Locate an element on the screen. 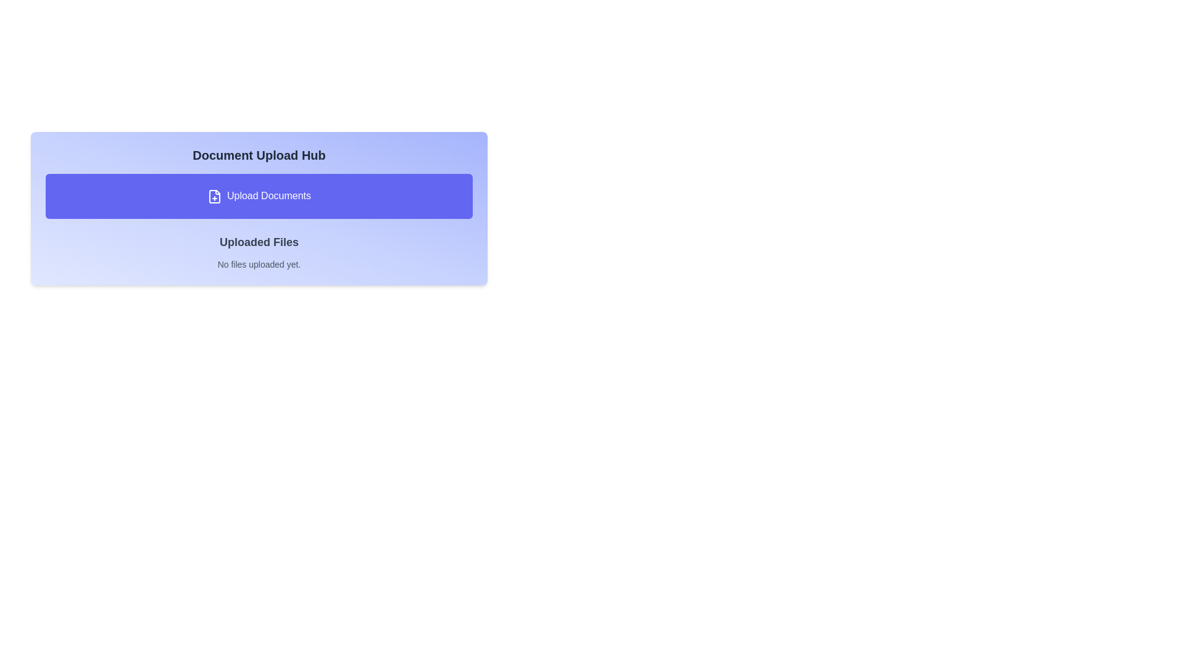  the Text Label that serves as a header for the uploaded files section, which is located below the 'Upload Documents' button and above the 'No files uploaded yet.' text is located at coordinates (259, 242).